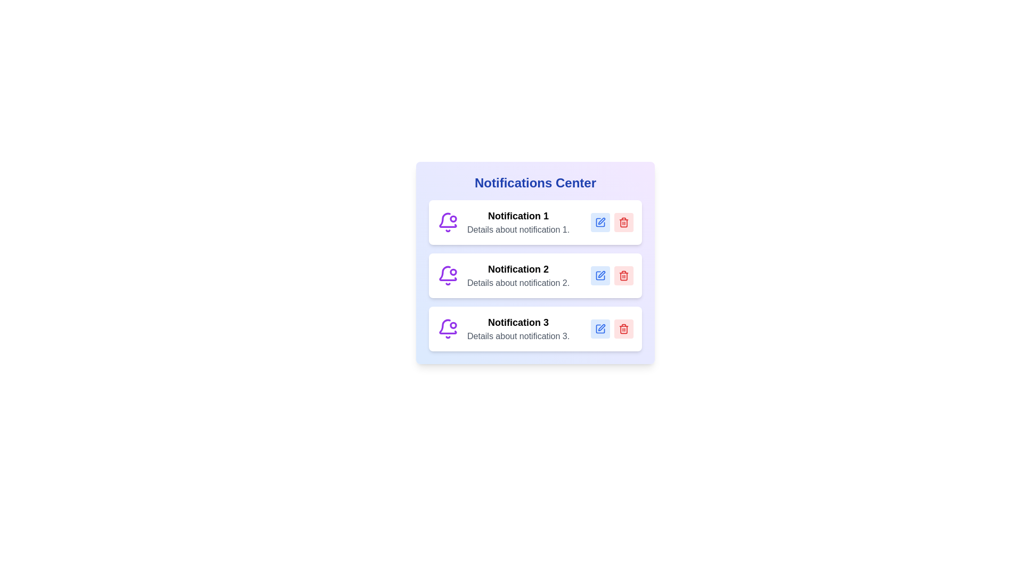 The width and height of the screenshot is (1023, 575). Describe the element at coordinates (518, 216) in the screenshot. I see `the Text Label displaying 'Notification 1', which is styled as a bold, large font heading within a group of notification entries` at that location.